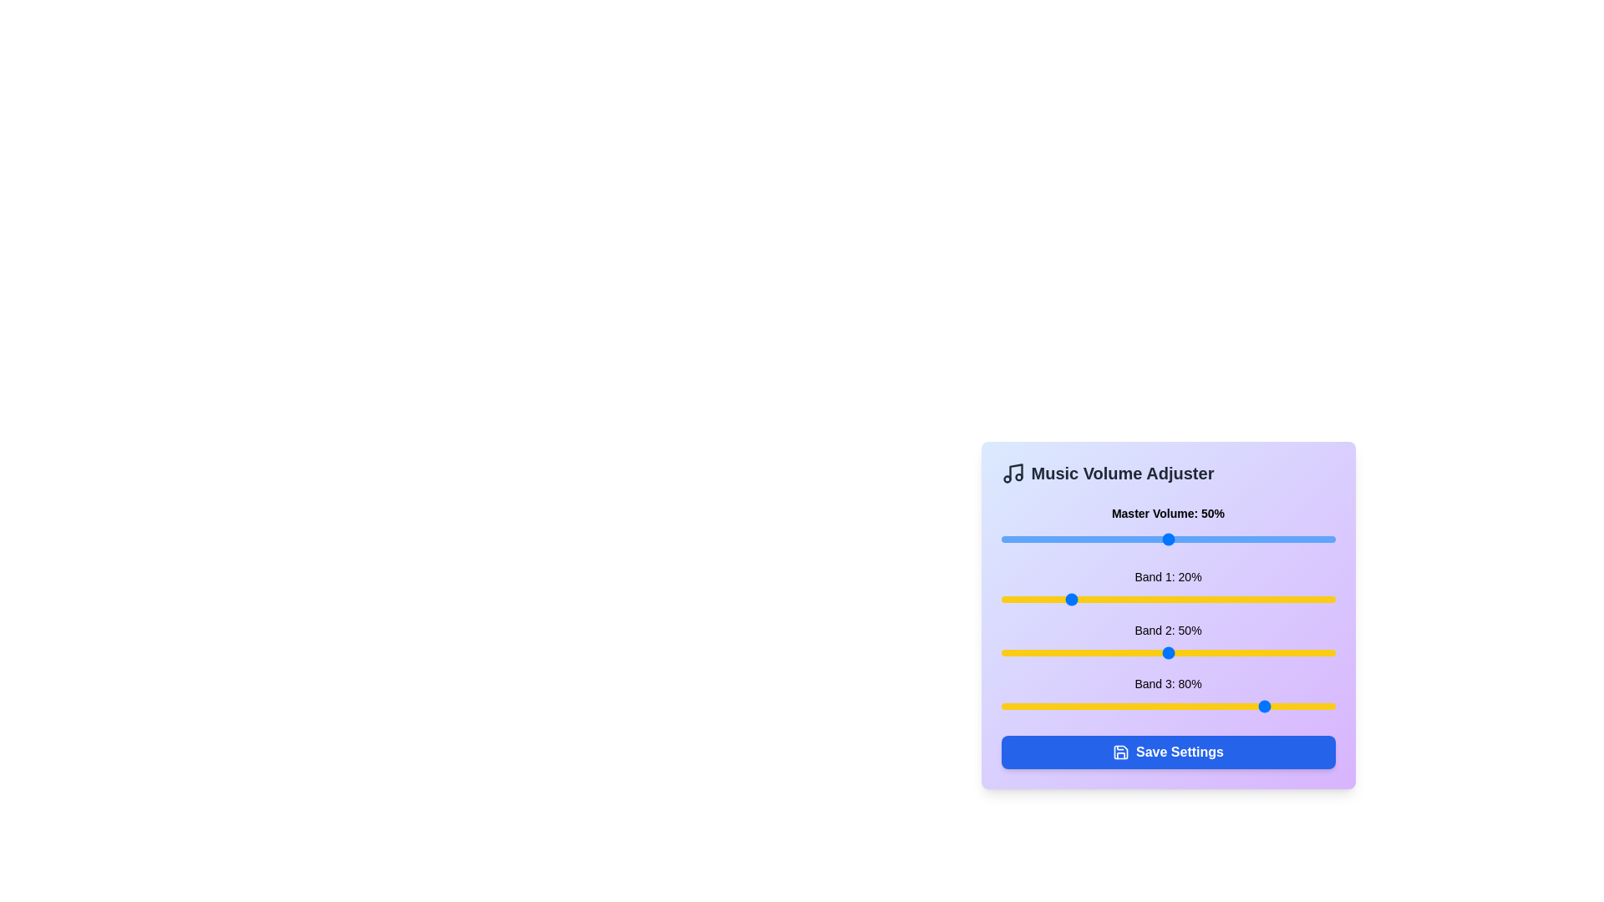  What do you see at coordinates (1167, 631) in the screenshot?
I see `the Label displaying 'Band 2: 50%' in the Music Volume Adjuster interface, which is centrally positioned within the Band 2 section` at bounding box center [1167, 631].